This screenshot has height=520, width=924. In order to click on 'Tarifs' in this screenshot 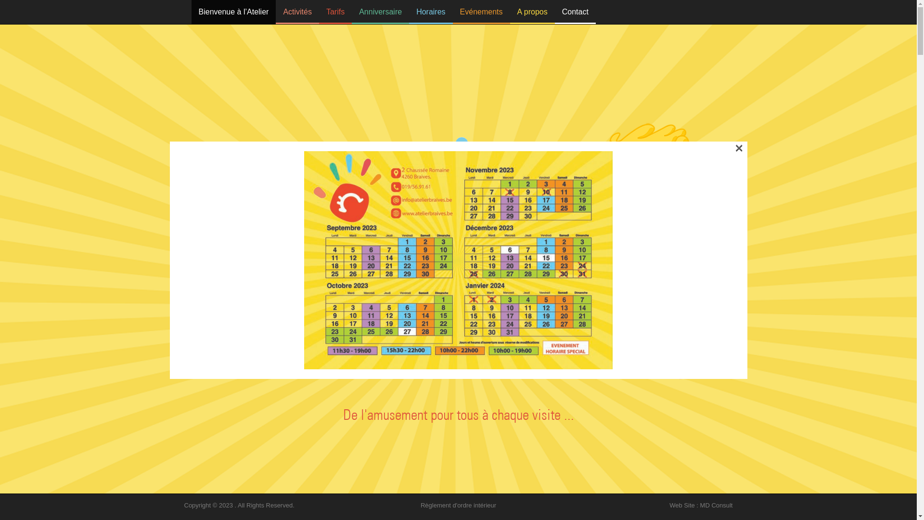, I will do `click(335, 12)`.